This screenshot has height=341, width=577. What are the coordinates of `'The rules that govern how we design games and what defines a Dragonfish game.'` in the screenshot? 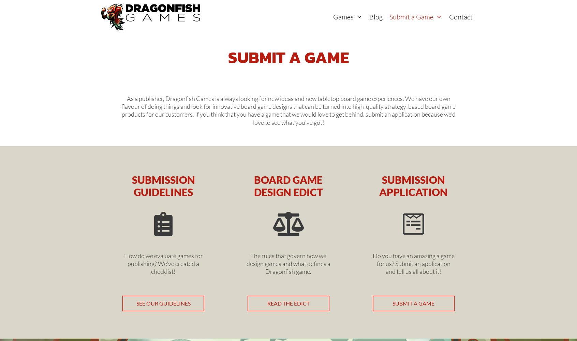 It's located at (288, 263).